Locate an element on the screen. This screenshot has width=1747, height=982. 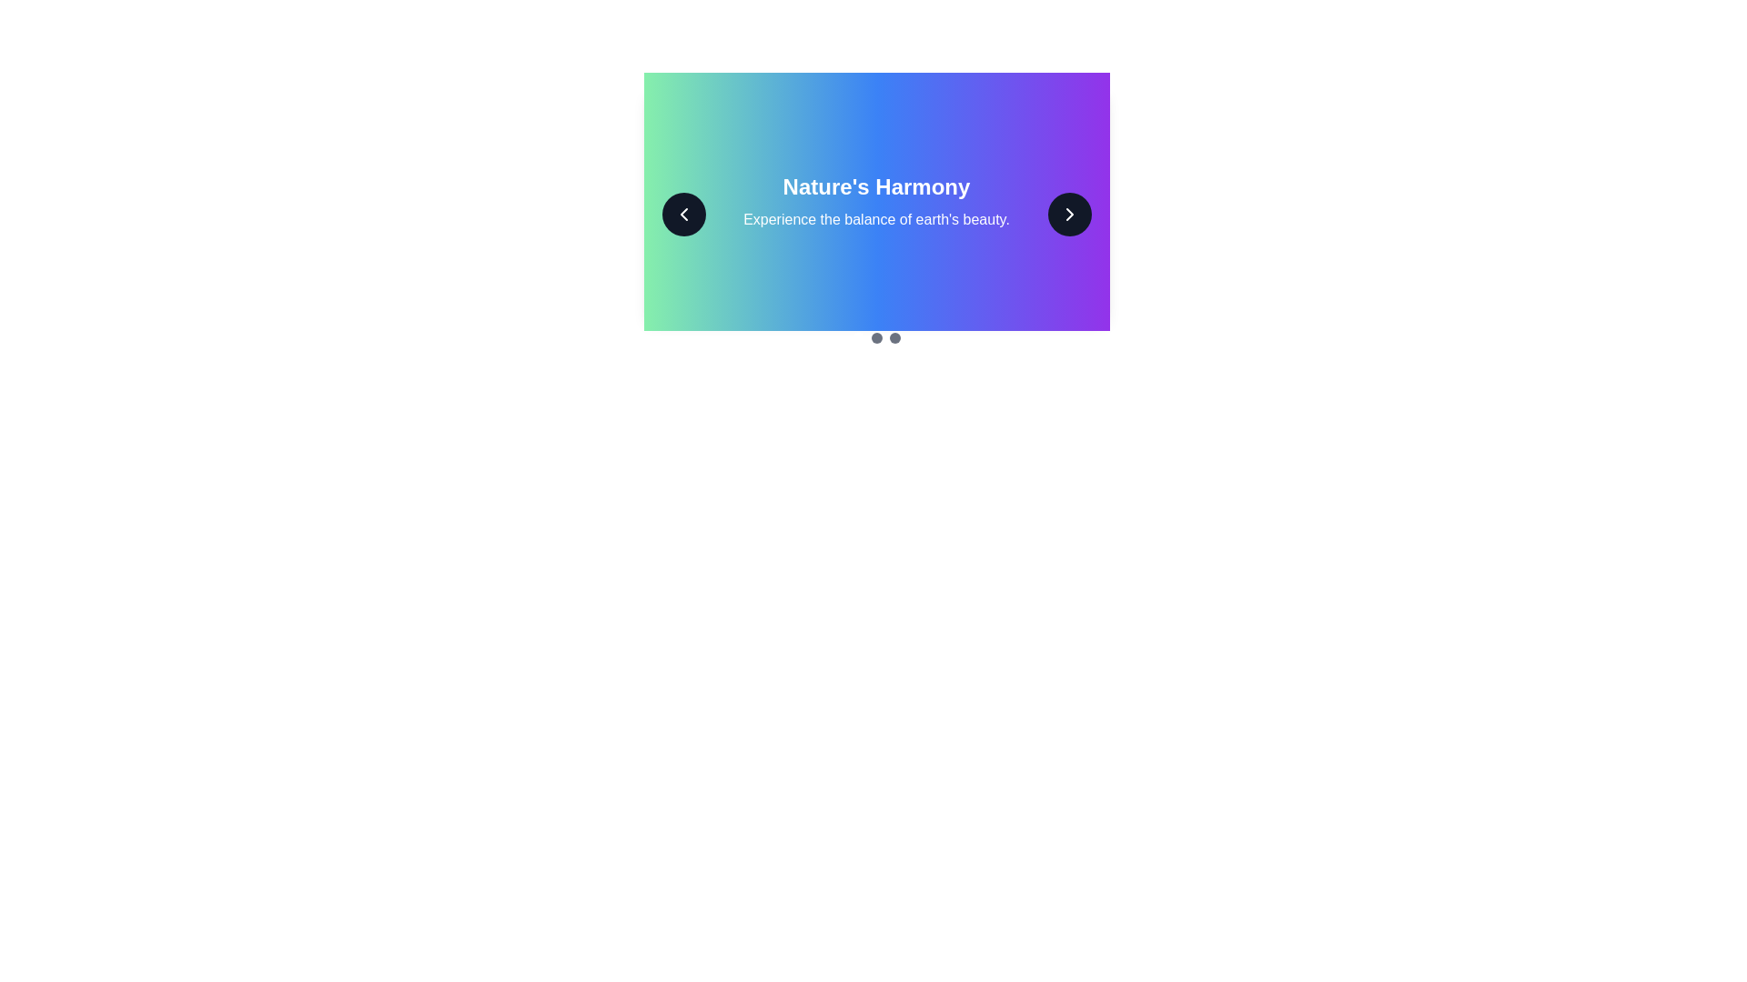
the subtitle element positioned below 'Nature's Harmony' is located at coordinates (876, 219).